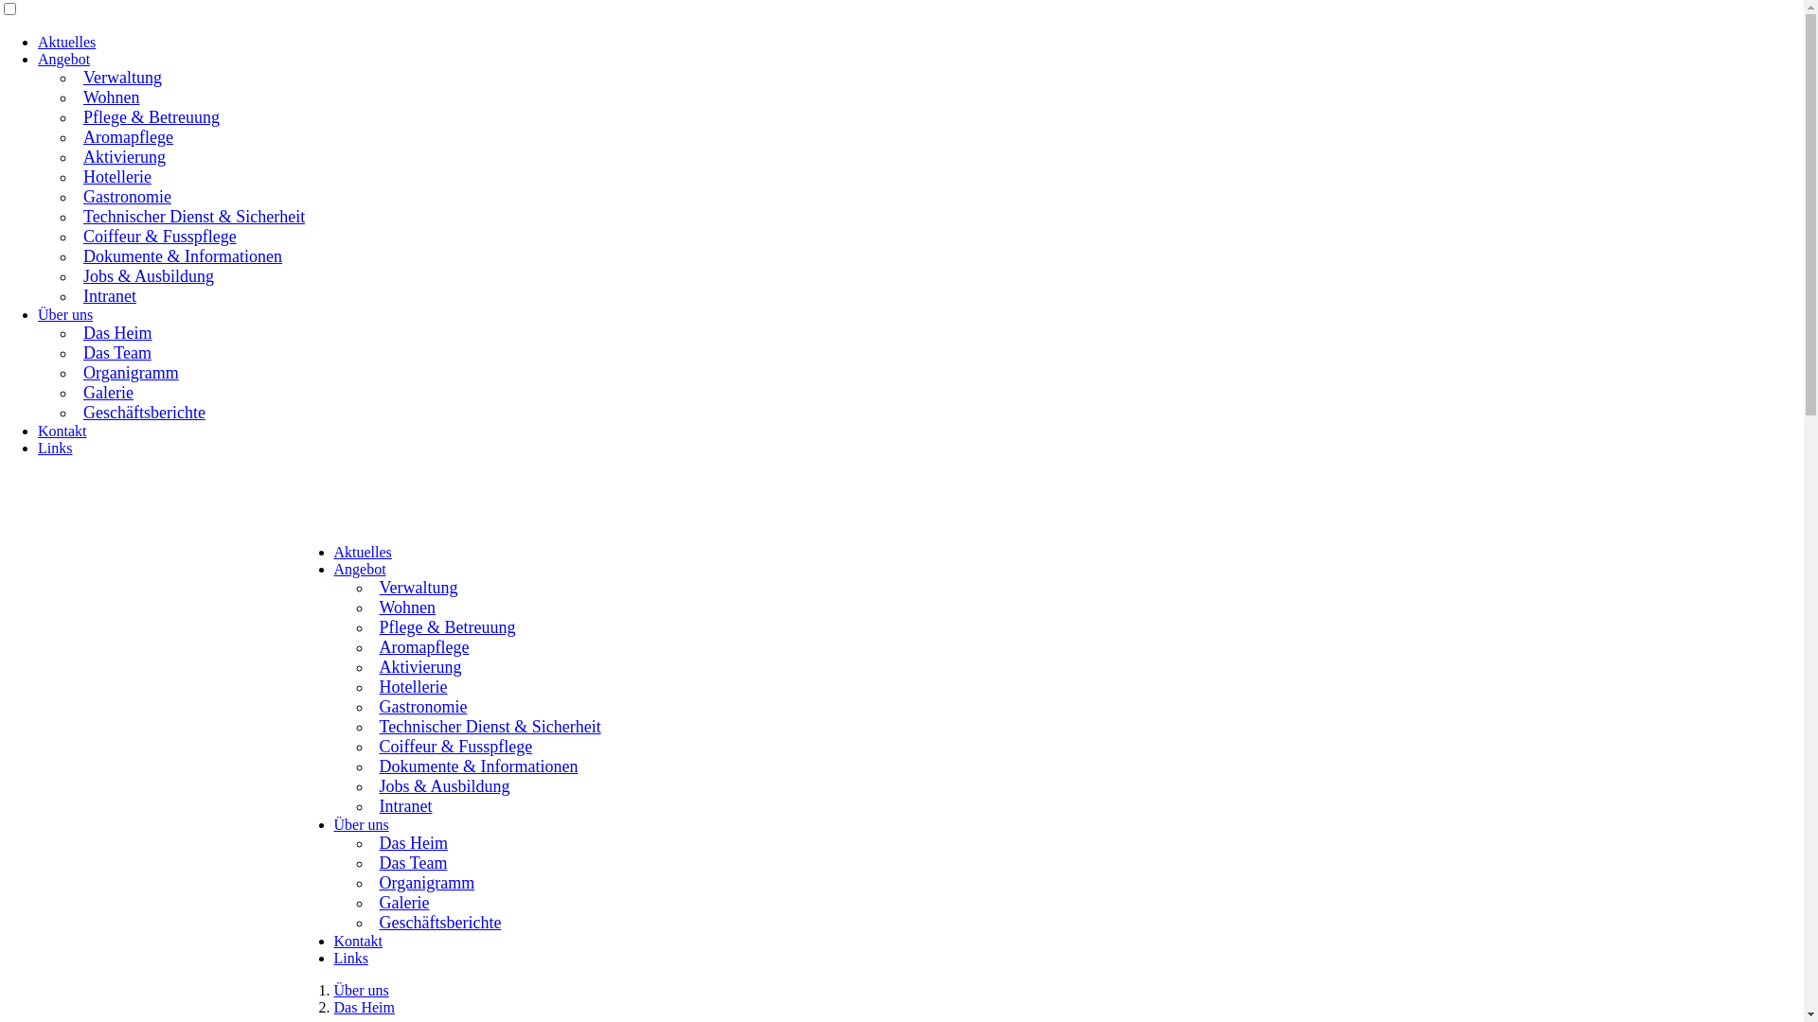 Image resolution: width=1818 pixels, height=1022 pixels. Describe the element at coordinates (149, 115) in the screenshot. I see `'Pflege & Betreuung'` at that location.